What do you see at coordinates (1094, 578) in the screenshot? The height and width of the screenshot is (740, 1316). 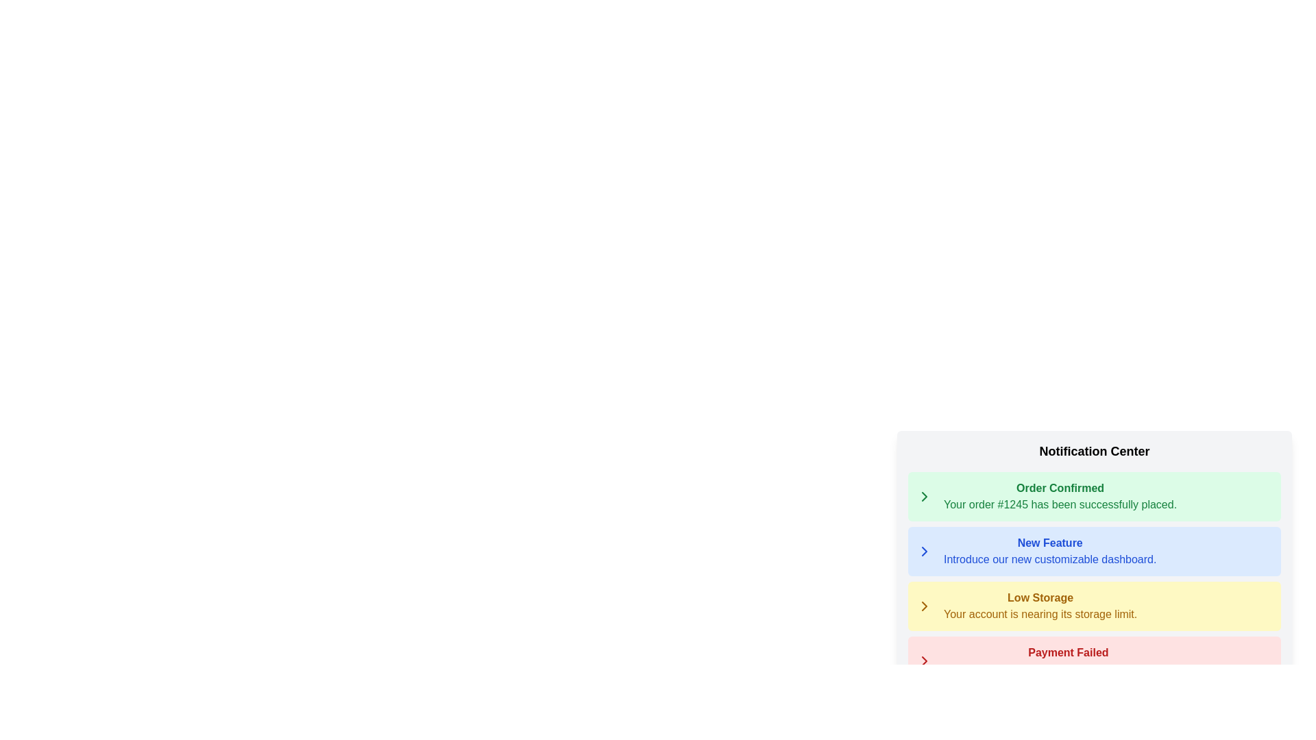 I see `the third informational notification box within the 'Notification Center' section, which warns about account storage status` at bounding box center [1094, 578].